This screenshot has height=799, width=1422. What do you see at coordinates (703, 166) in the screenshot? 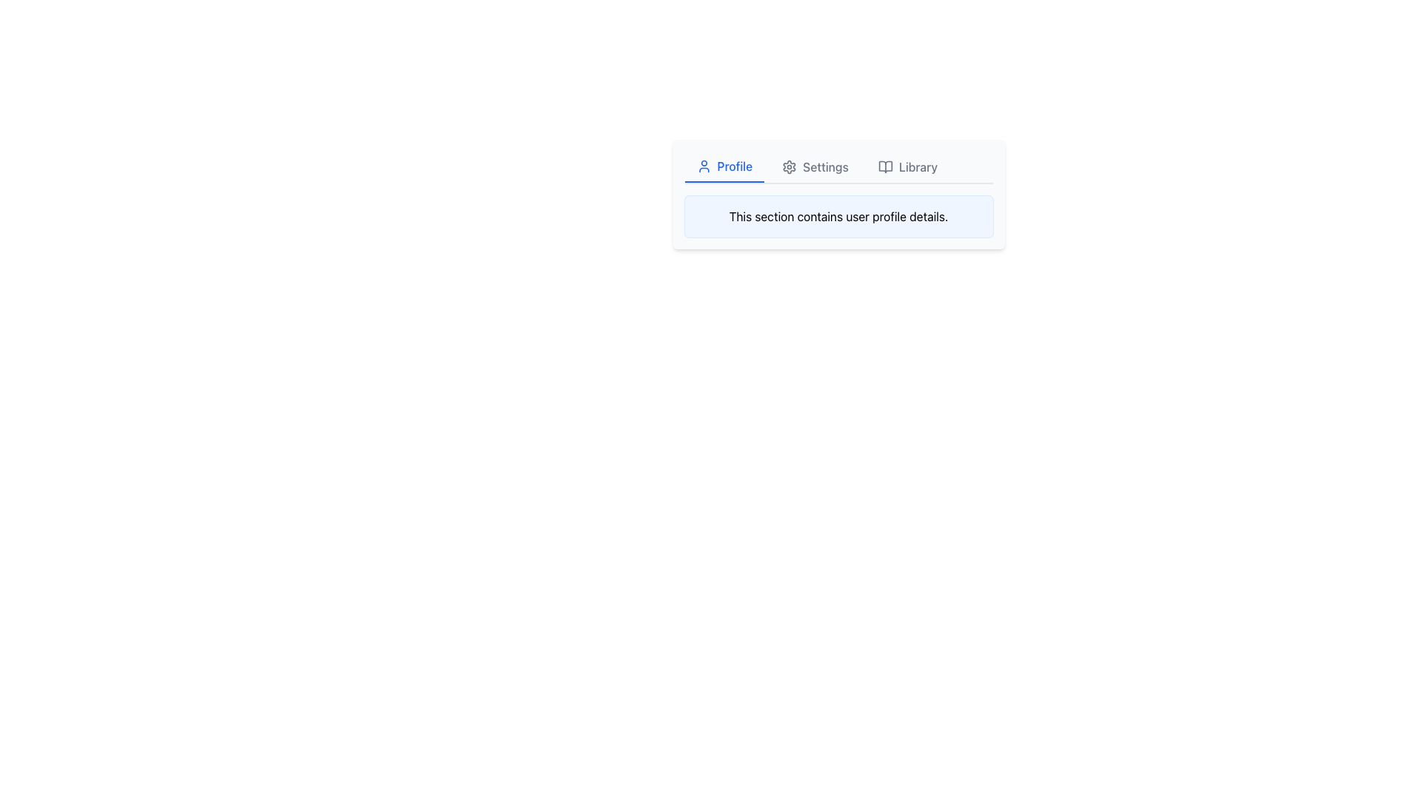
I see `the Profile icon located to the left of the 'Profile' text in the tab's button at the top of the interface` at bounding box center [703, 166].